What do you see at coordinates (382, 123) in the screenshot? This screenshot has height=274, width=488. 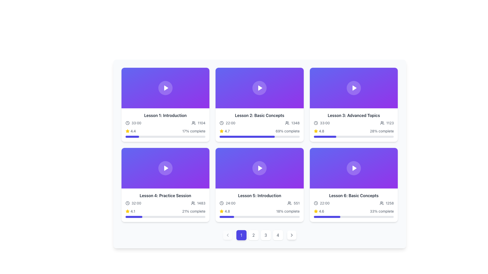 I see `the icon depicting a group of people located in the bottom-right corner of the 'Lesson 3: Advanced Topics' card, adjacent to the numerical count '1123'` at bounding box center [382, 123].